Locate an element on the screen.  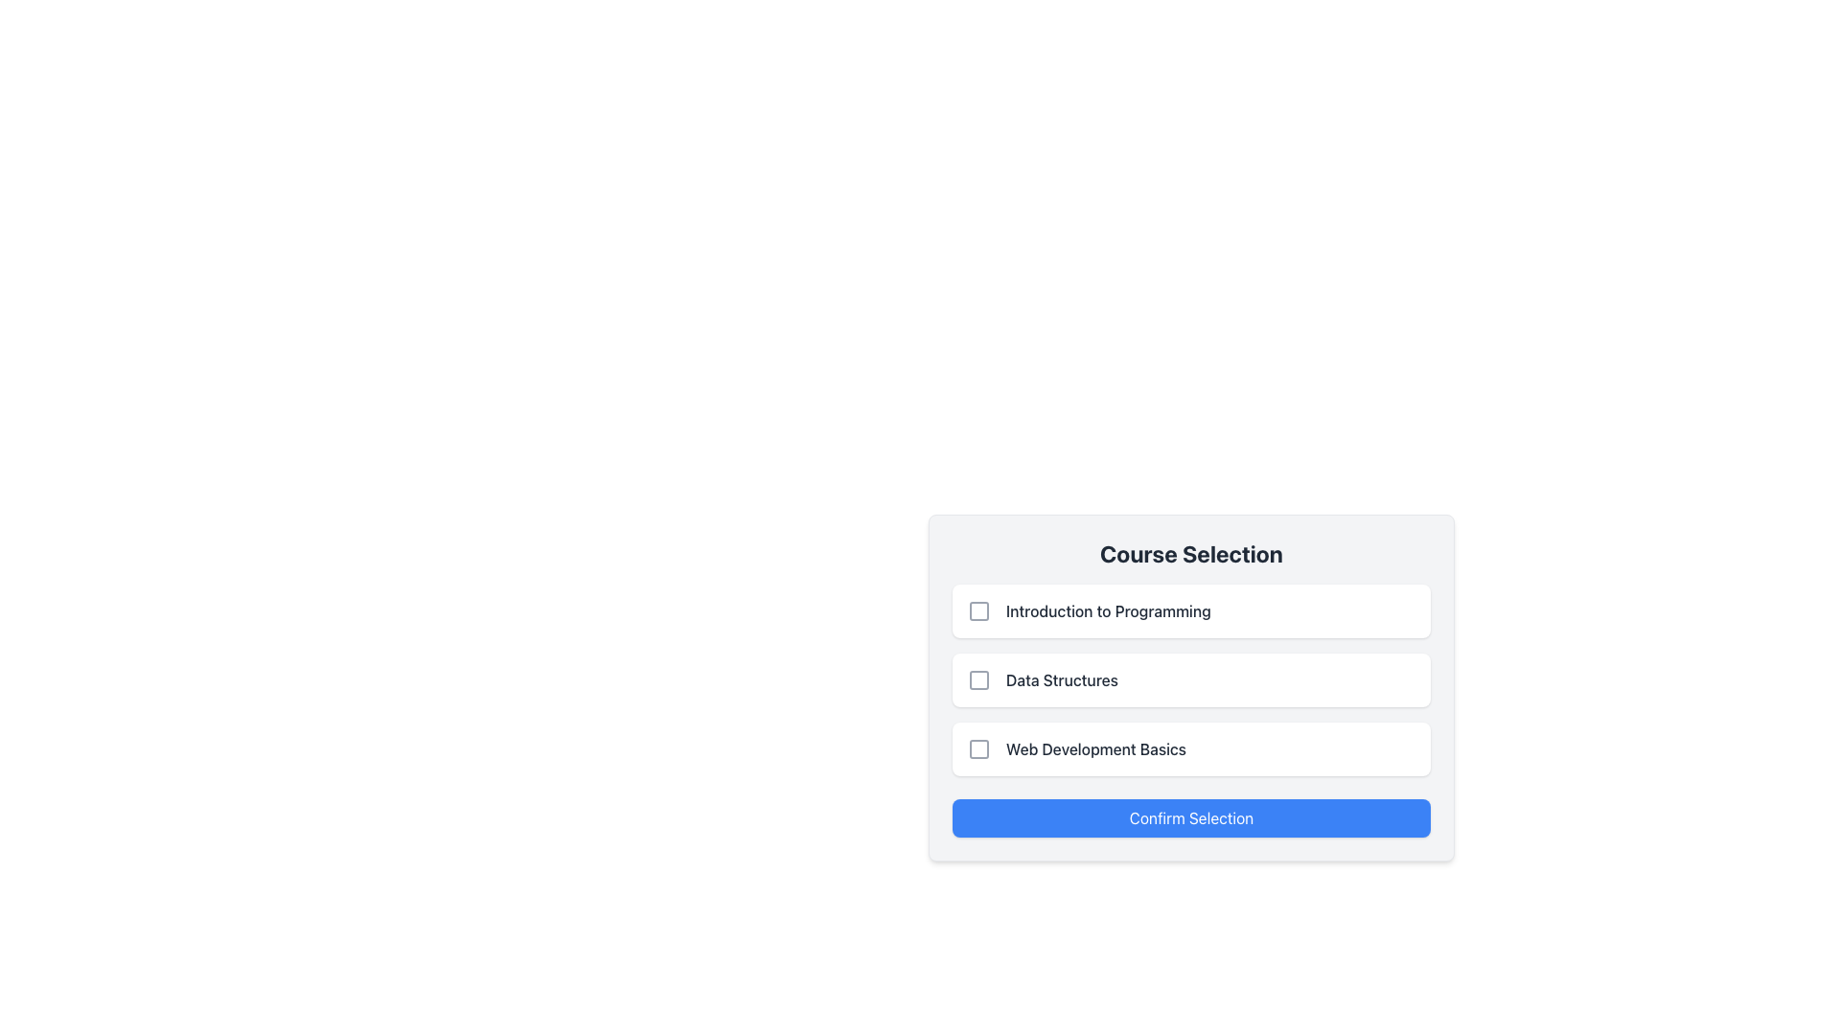
the label for the course option within the 'Data Structures' content box, located in the second row of the course selection list under 'Course Selection' is located at coordinates (1061, 678).